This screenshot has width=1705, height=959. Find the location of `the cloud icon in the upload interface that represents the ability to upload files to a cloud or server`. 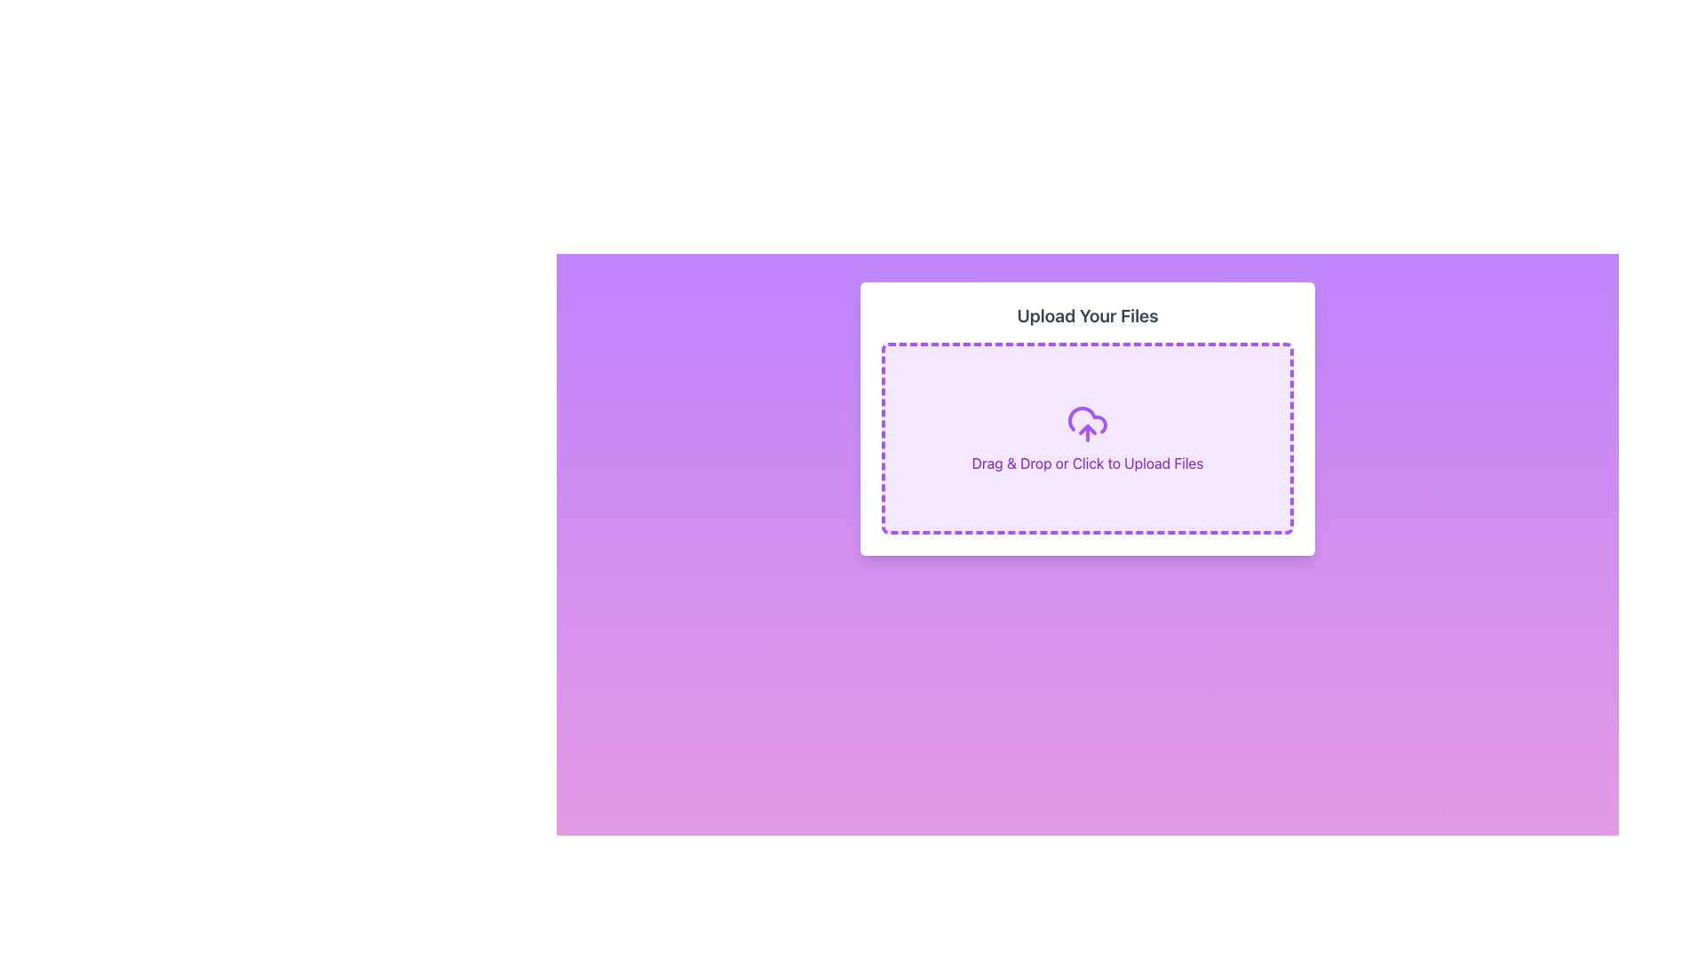

the cloud icon in the upload interface that represents the ability to upload files to a cloud or server is located at coordinates (1086, 420).